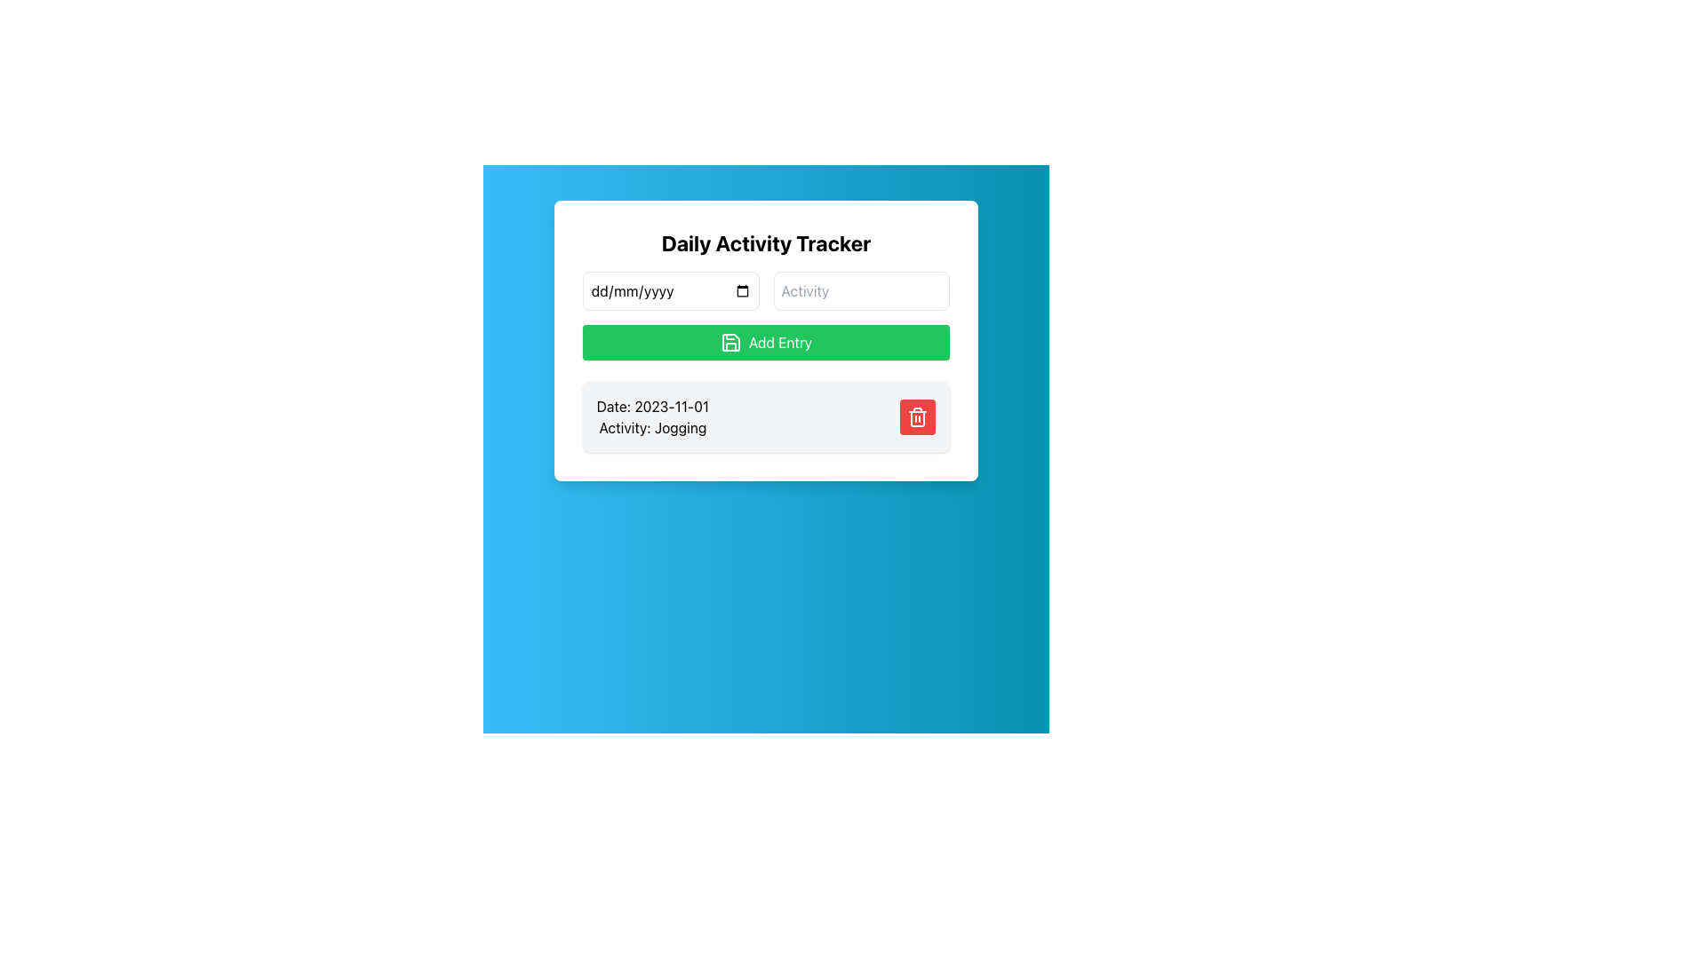  I want to click on the delete button located at the far right of the content row for the activity entry 'Jogging on 2023-11-01', so click(918, 417).